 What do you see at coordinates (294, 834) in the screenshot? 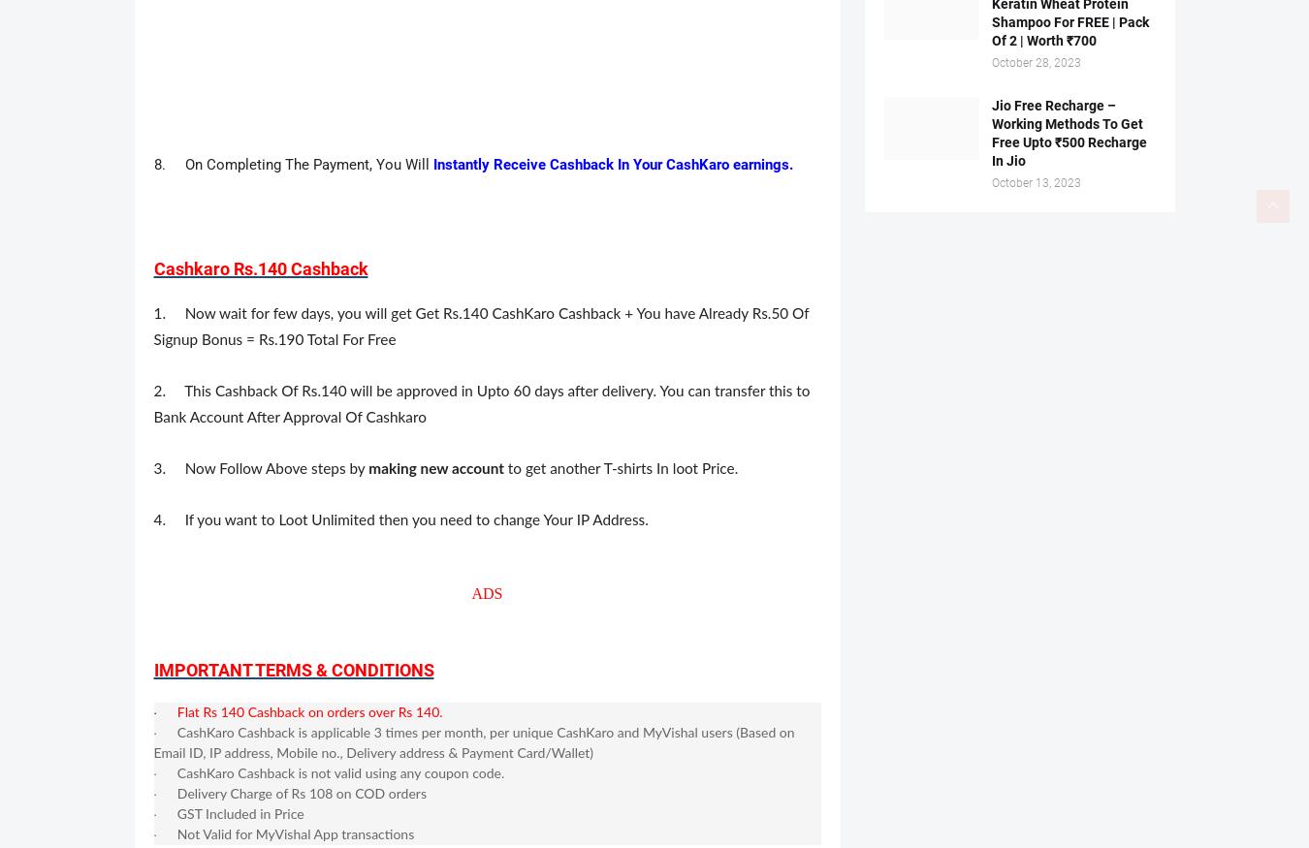
I see `'Not Valid for MyVishal App transactions'` at bounding box center [294, 834].